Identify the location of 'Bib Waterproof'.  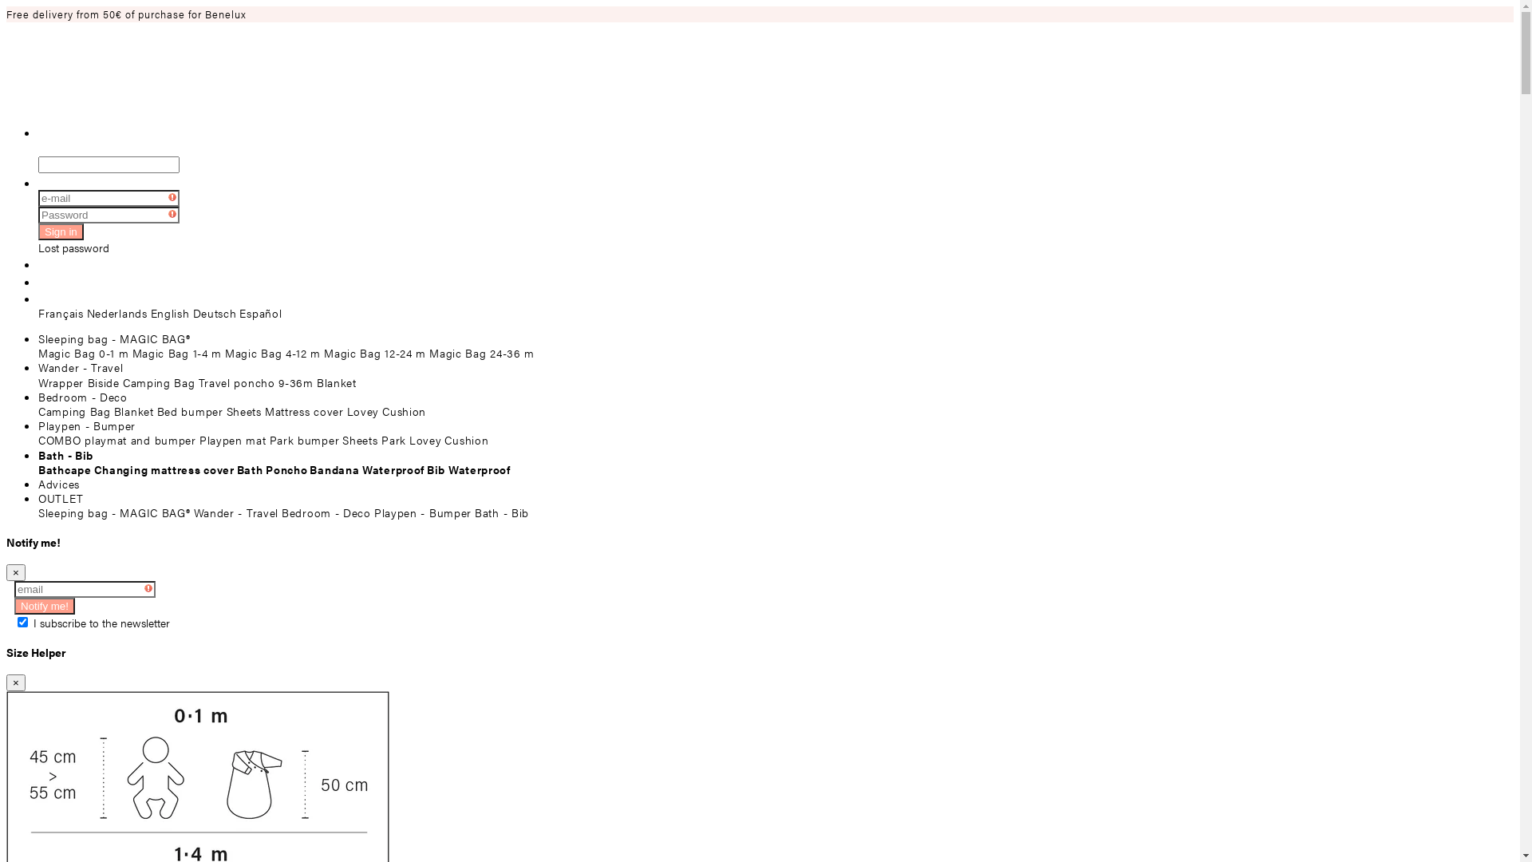
(468, 468).